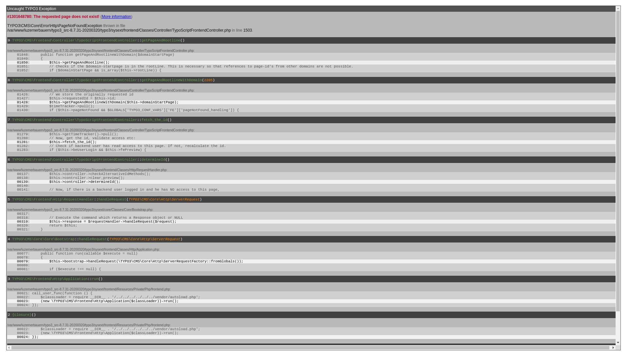  Describe the element at coordinates (101, 16) in the screenshot. I see `'More information'` at that location.